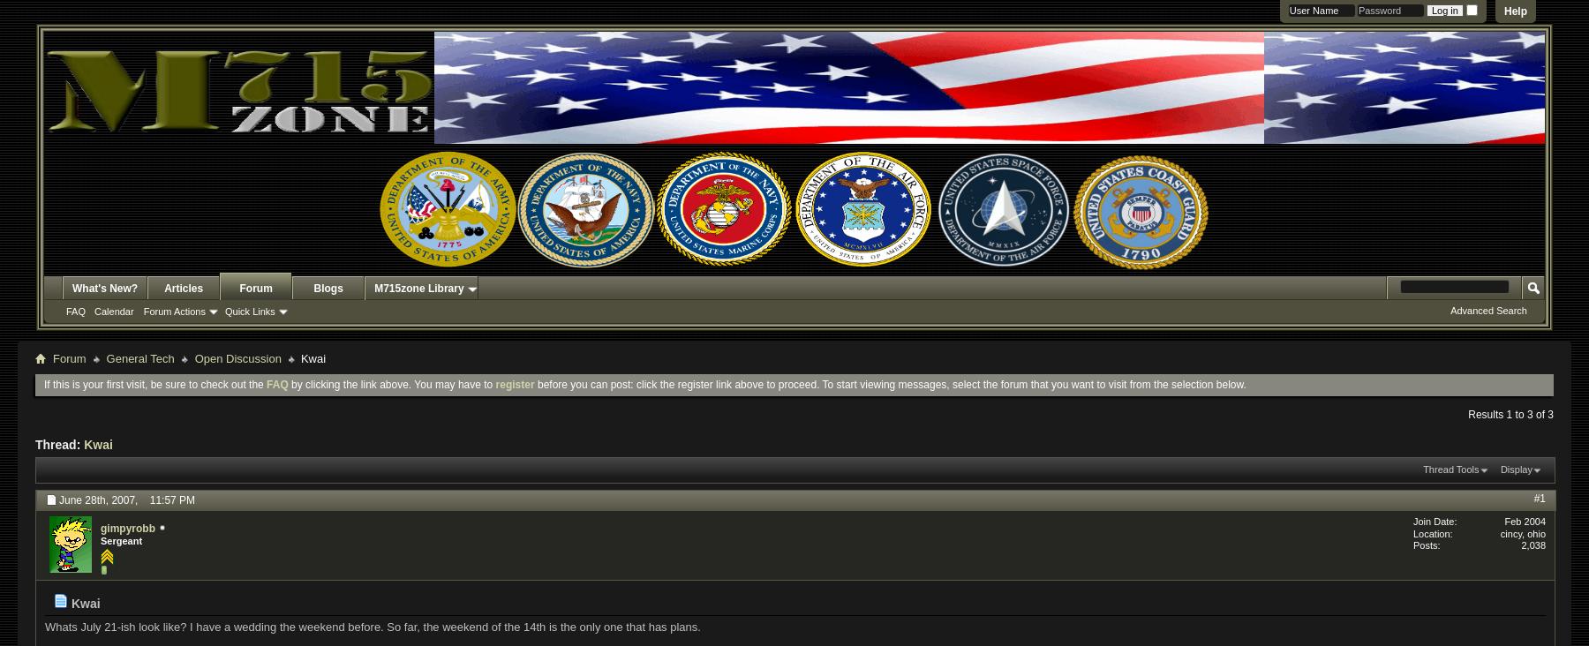  What do you see at coordinates (391, 383) in the screenshot?
I see `'by clicking the
		link above. You may have to'` at bounding box center [391, 383].